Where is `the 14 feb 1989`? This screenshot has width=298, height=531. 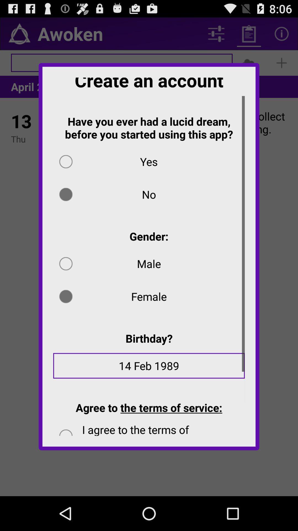 the 14 feb 1989 is located at coordinates (149, 369).